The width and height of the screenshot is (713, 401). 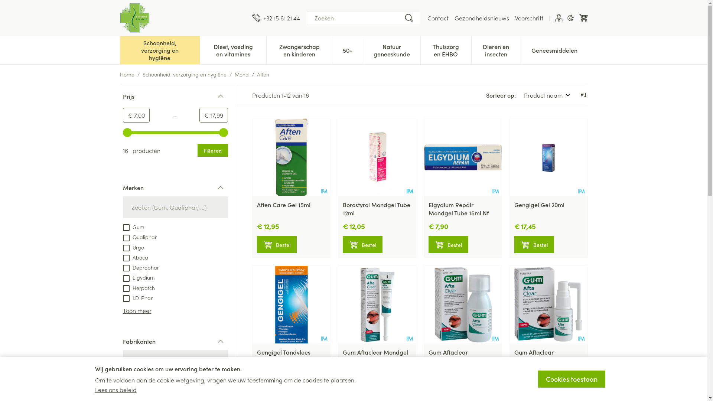 What do you see at coordinates (299, 49) in the screenshot?
I see `'Zwangerschap en kinderen'` at bounding box center [299, 49].